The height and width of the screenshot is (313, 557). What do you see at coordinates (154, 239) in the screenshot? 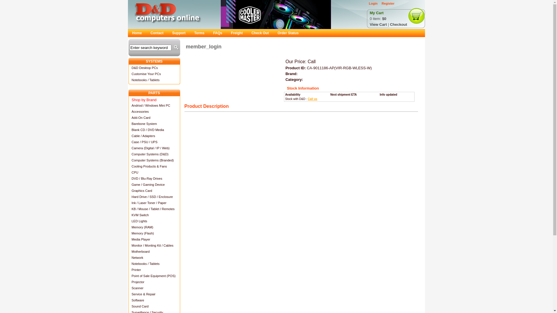
I see `'Media Player'` at bounding box center [154, 239].